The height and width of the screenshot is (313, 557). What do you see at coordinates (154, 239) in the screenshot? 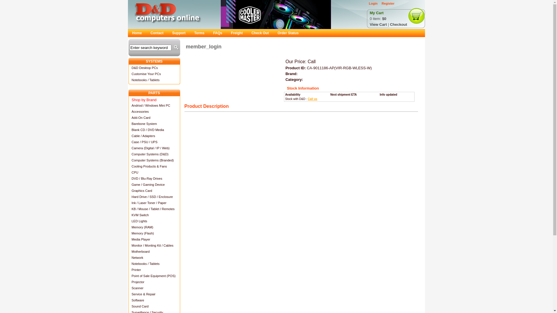
I see `'Media Player'` at bounding box center [154, 239].